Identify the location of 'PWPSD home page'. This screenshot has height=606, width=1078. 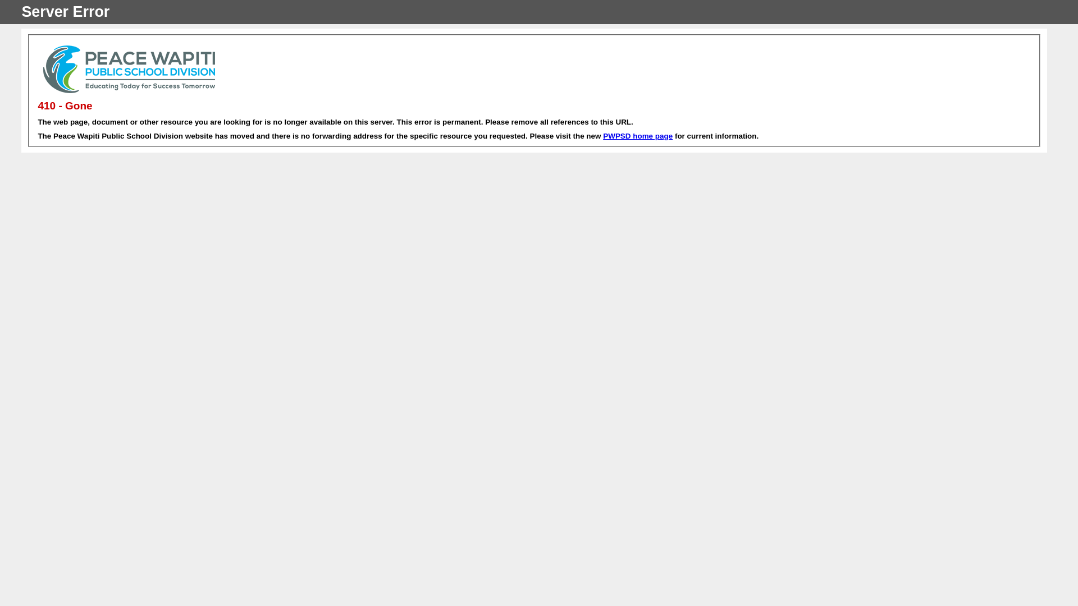
(602, 135).